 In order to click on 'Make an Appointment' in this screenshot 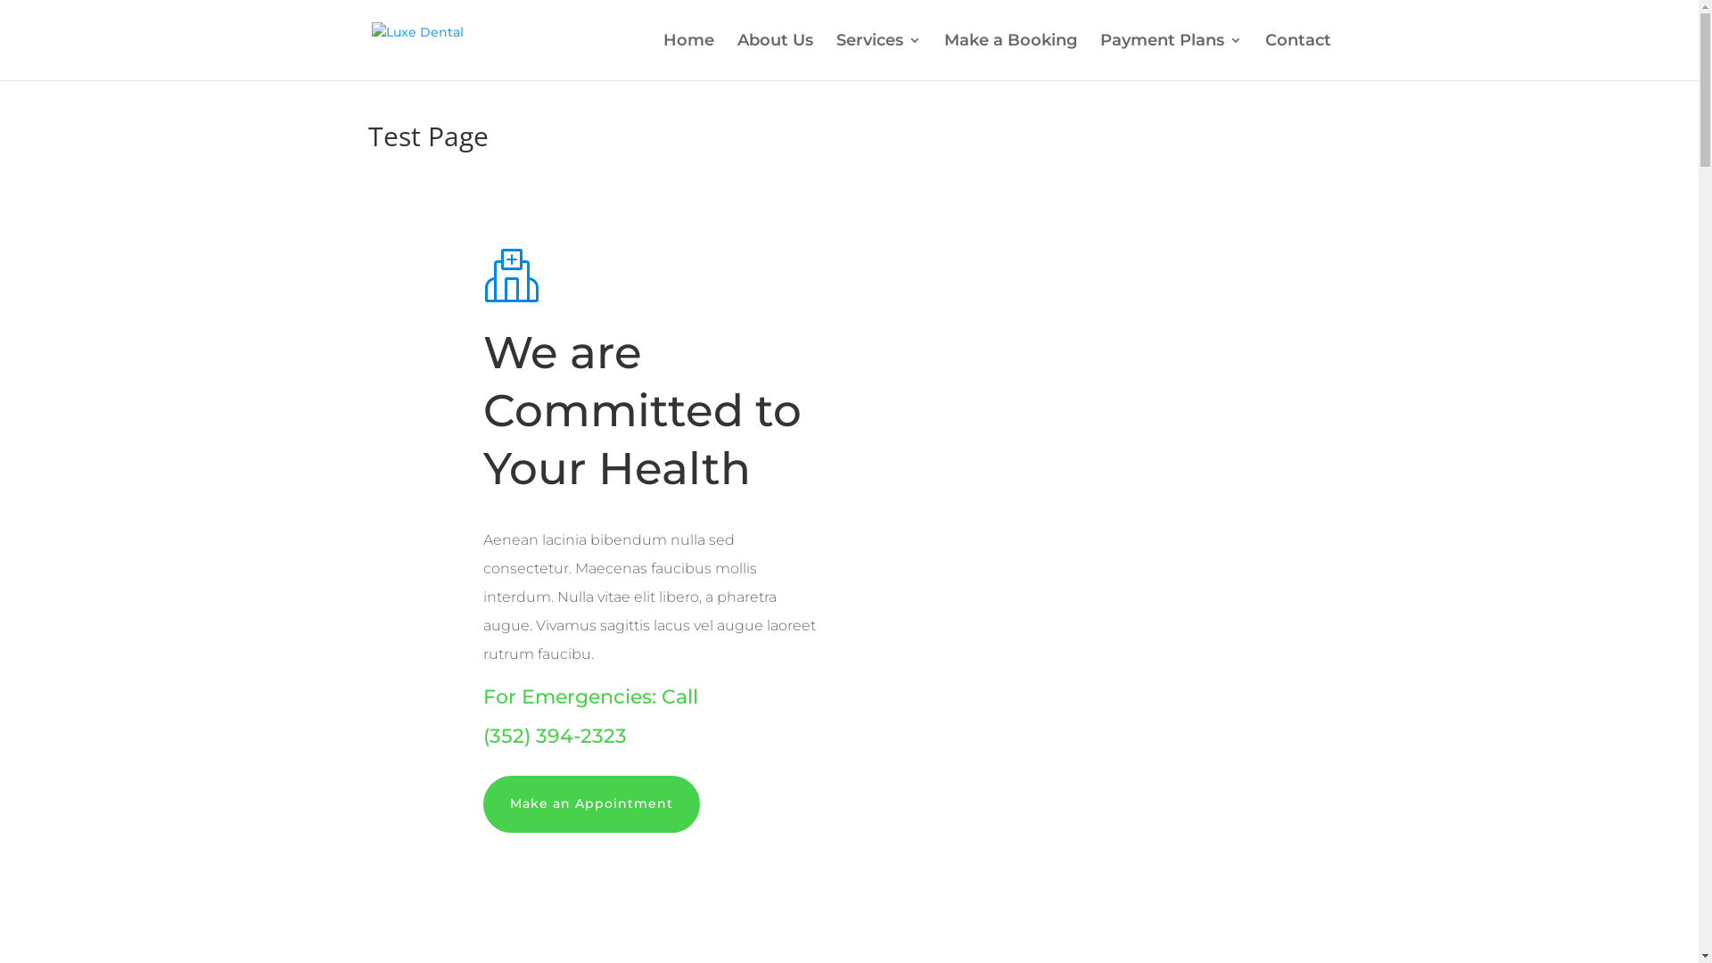, I will do `click(591, 804)`.